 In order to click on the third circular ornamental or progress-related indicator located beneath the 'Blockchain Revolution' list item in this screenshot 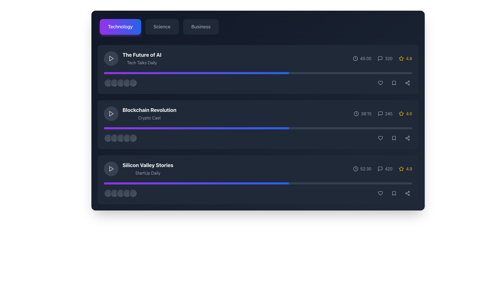, I will do `click(120, 138)`.